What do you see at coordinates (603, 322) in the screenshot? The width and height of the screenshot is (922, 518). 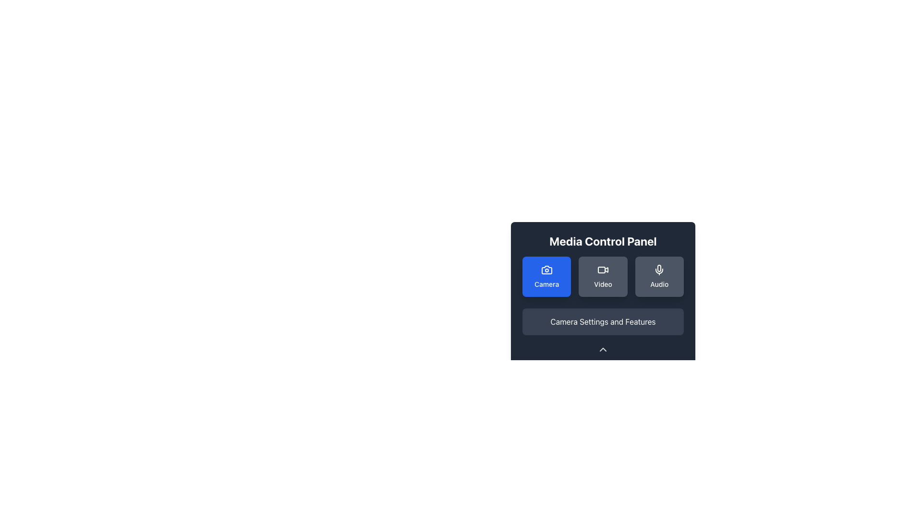 I see `the text label displaying 'Camera Settings and Features' located at the bottom of the Media Control Panel` at bounding box center [603, 322].